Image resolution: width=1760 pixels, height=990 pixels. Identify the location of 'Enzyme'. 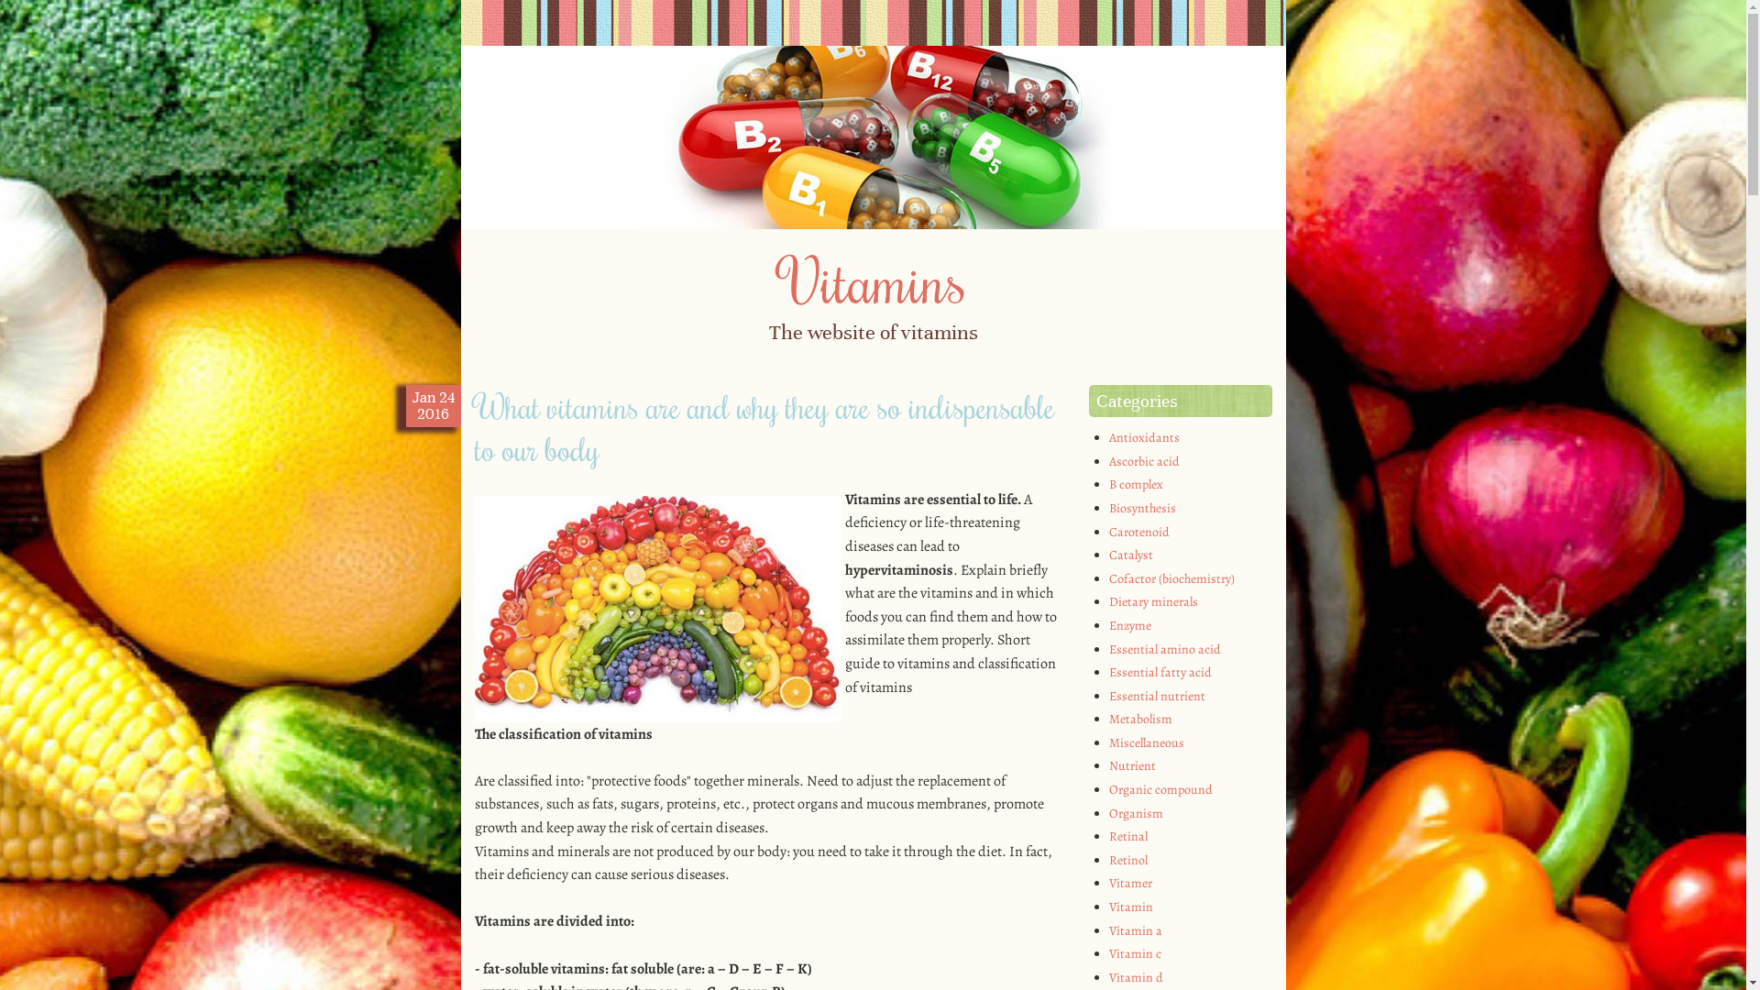
(1129, 624).